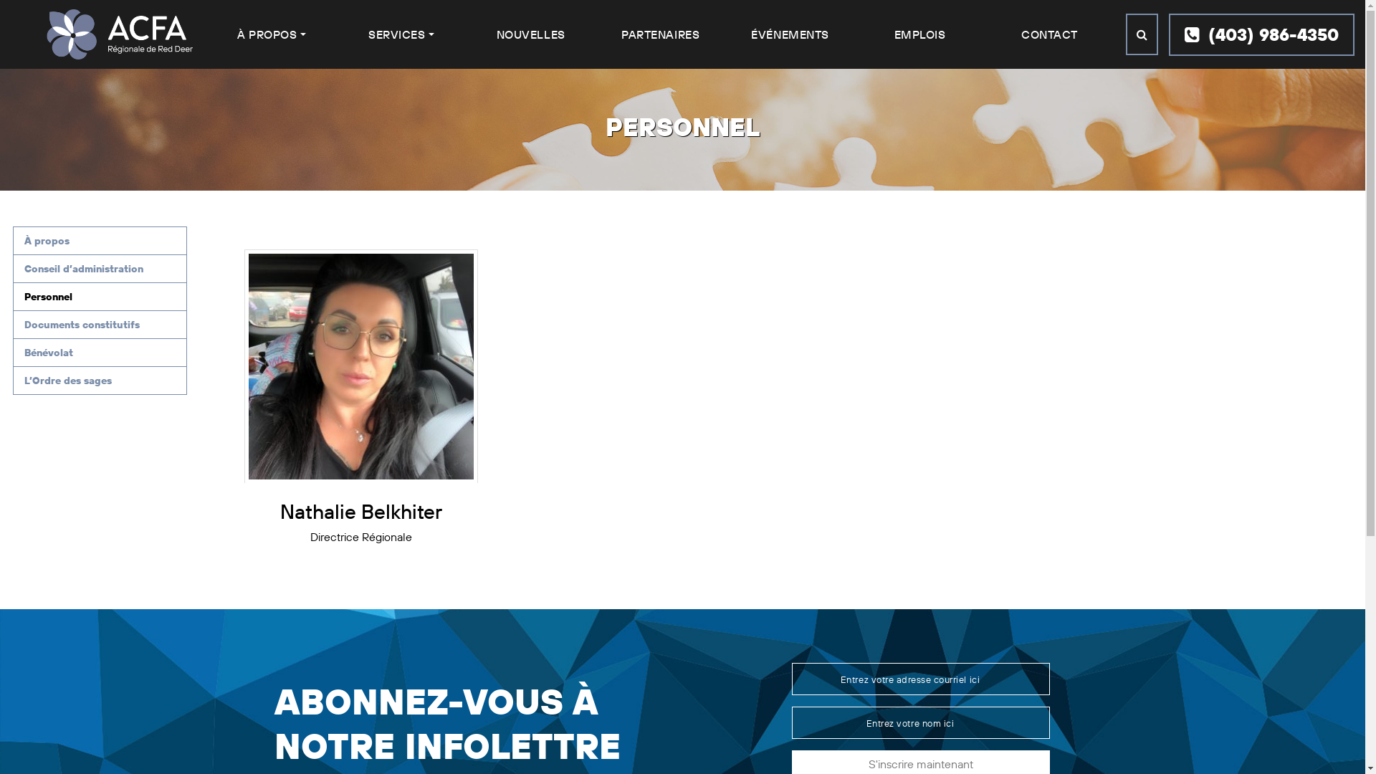 This screenshot has width=1376, height=774. What do you see at coordinates (919, 33) in the screenshot?
I see `'EMPLOIS'` at bounding box center [919, 33].